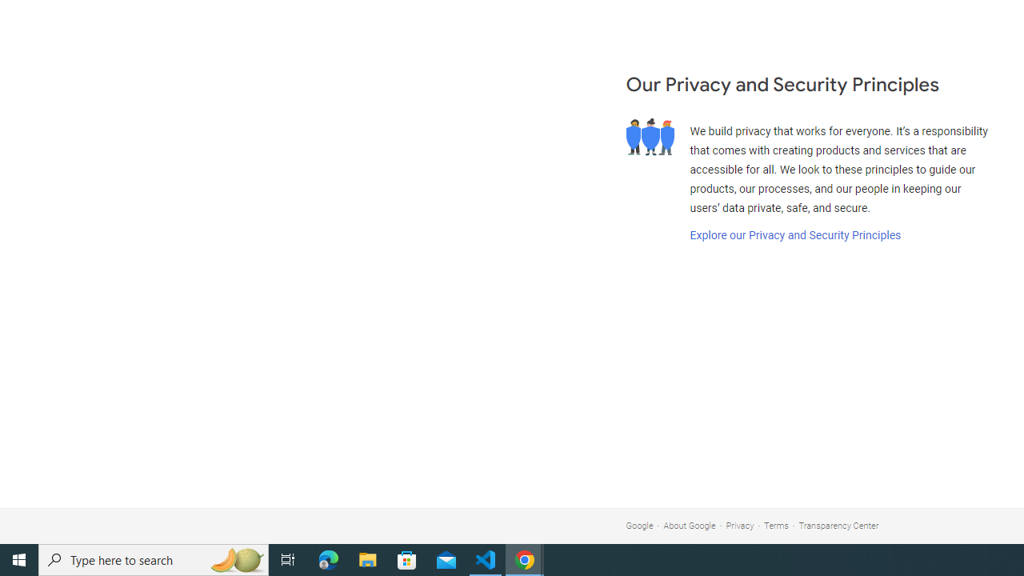  What do you see at coordinates (690, 526) in the screenshot?
I see `'About Google'` at bounding box center [690, 526].